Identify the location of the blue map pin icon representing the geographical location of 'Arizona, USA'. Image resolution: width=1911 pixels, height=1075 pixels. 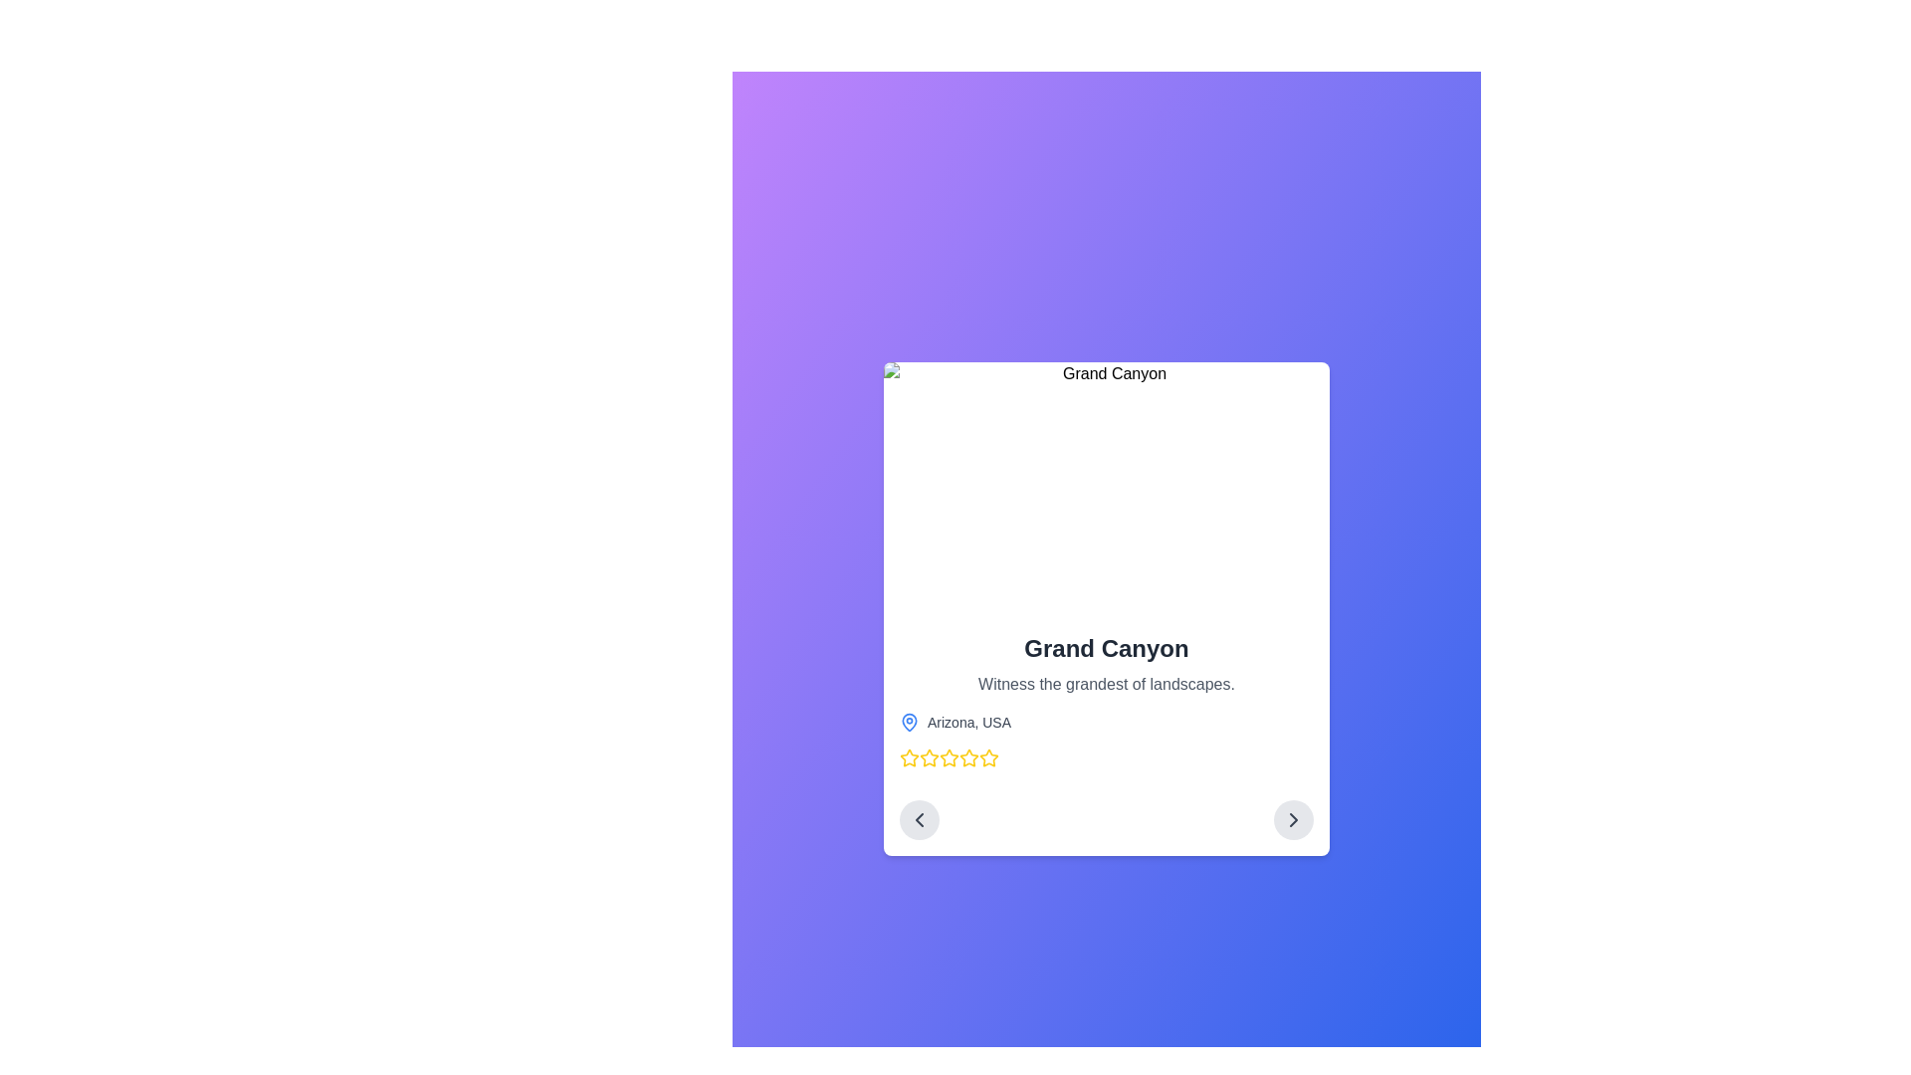
(908, 722).